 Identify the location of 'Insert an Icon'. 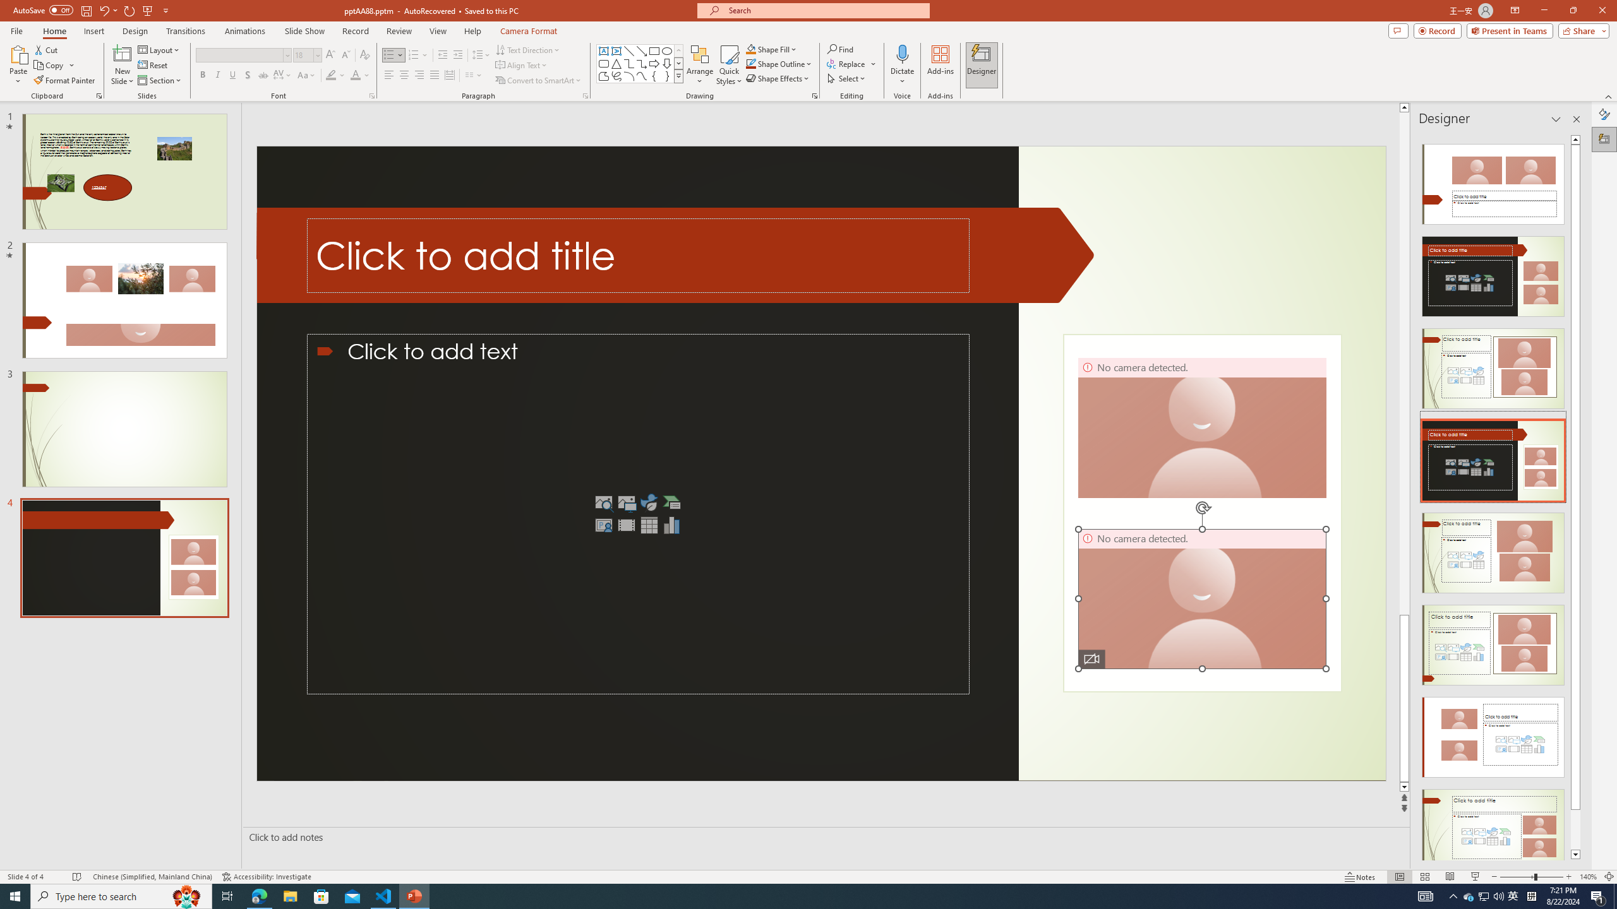
(649, 502).